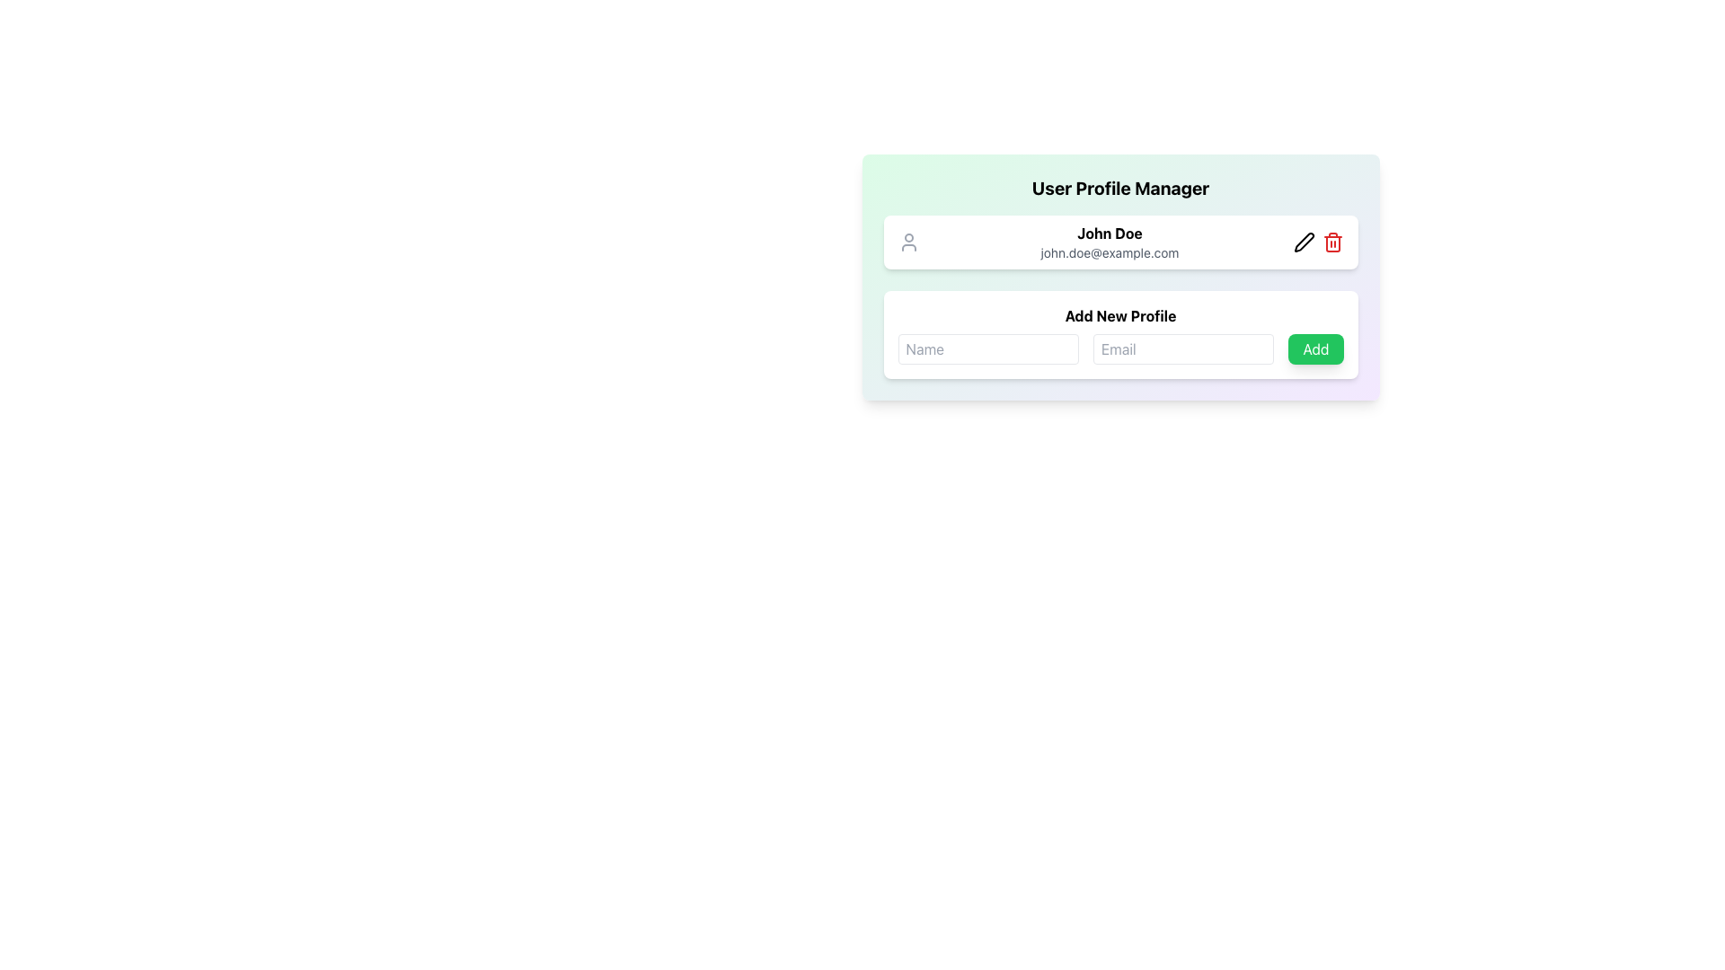  Describe the element at coordinates (1109, 232) in the screenshot. I see `the static text label displaying the user's name in the User Profile Manager interface, located at the top of the User Profile Manager card` at that location.